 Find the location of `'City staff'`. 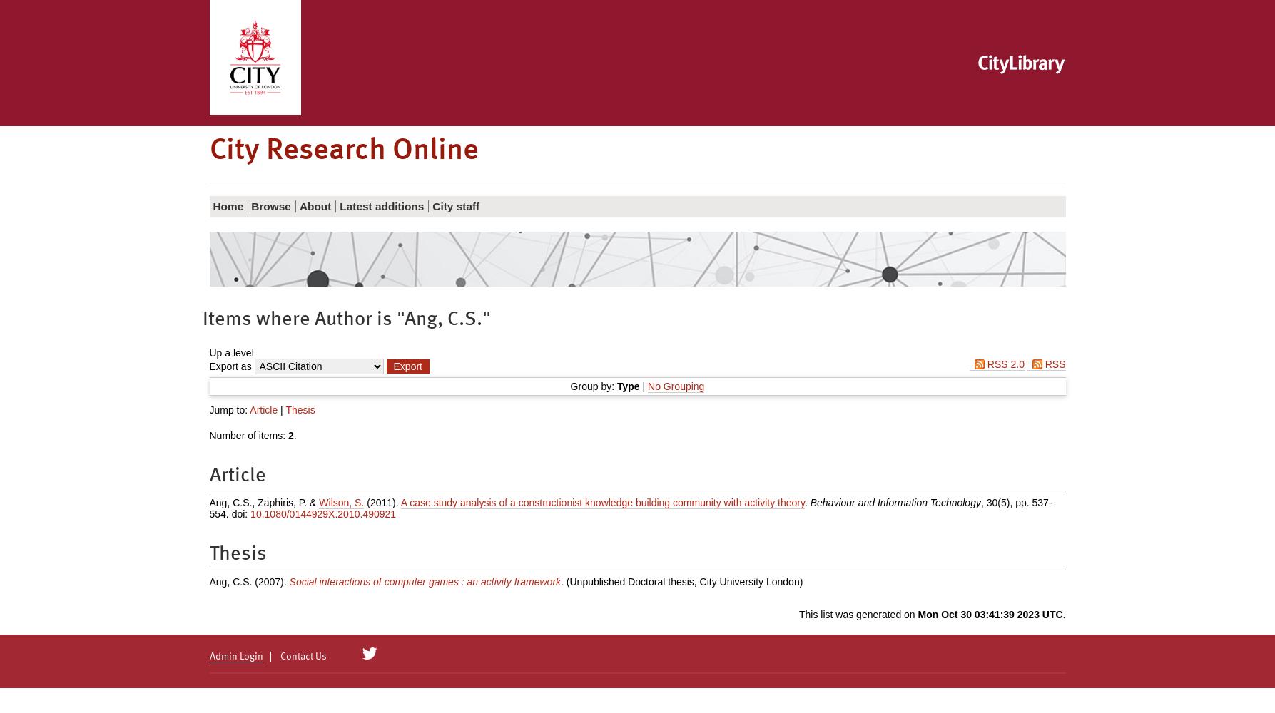

'City staff' is located at coordinates (455, 205).